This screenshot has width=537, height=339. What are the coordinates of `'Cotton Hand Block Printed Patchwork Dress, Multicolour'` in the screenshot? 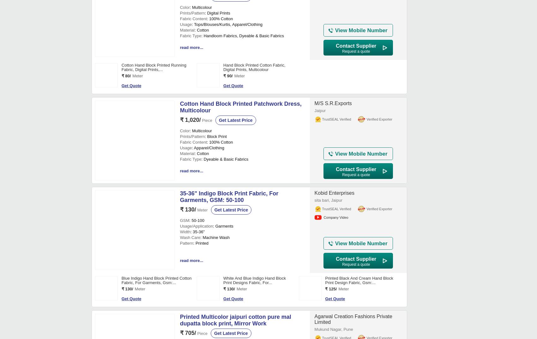 It's located at (240, 300).